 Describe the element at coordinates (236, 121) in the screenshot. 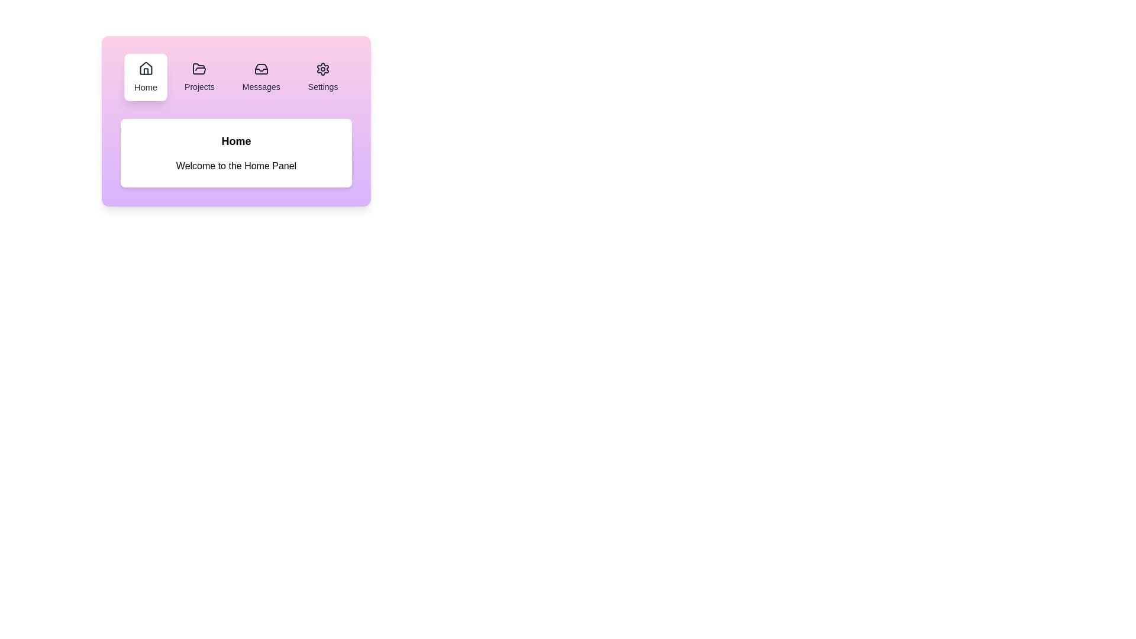

I see `welcome message displayed in the white panel labeled 'Home' below the navigation tabs of the rounded rectangular Navigation panel with a gradient background` at that location.